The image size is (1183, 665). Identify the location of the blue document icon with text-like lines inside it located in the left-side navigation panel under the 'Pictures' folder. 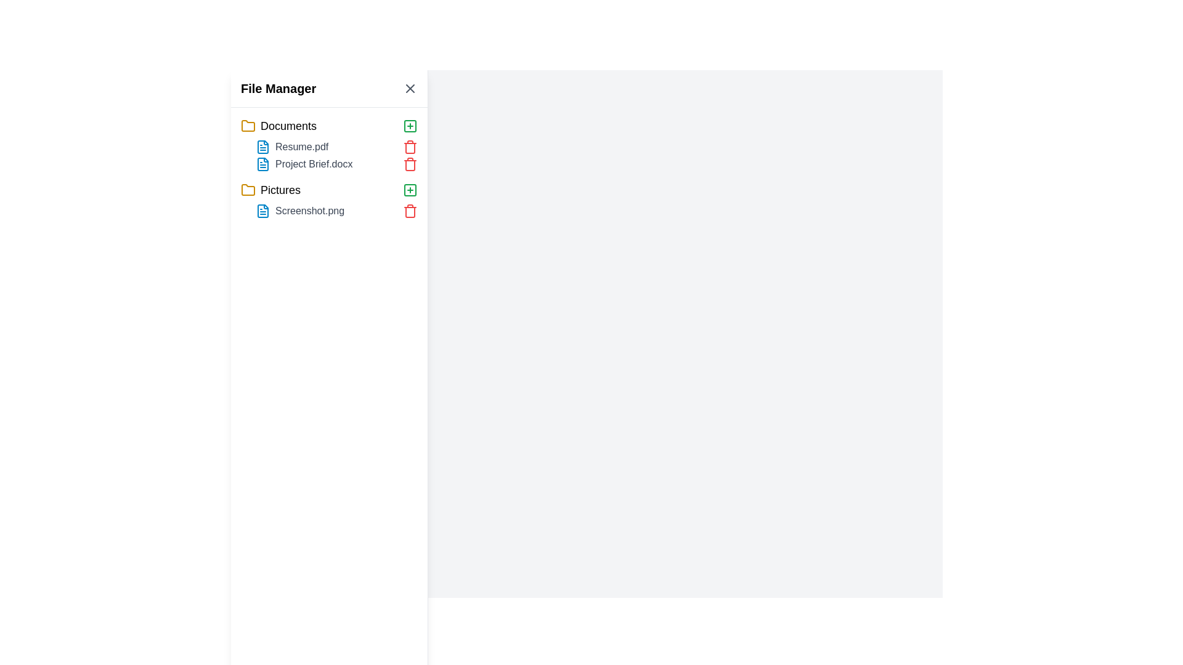
(262, 211).